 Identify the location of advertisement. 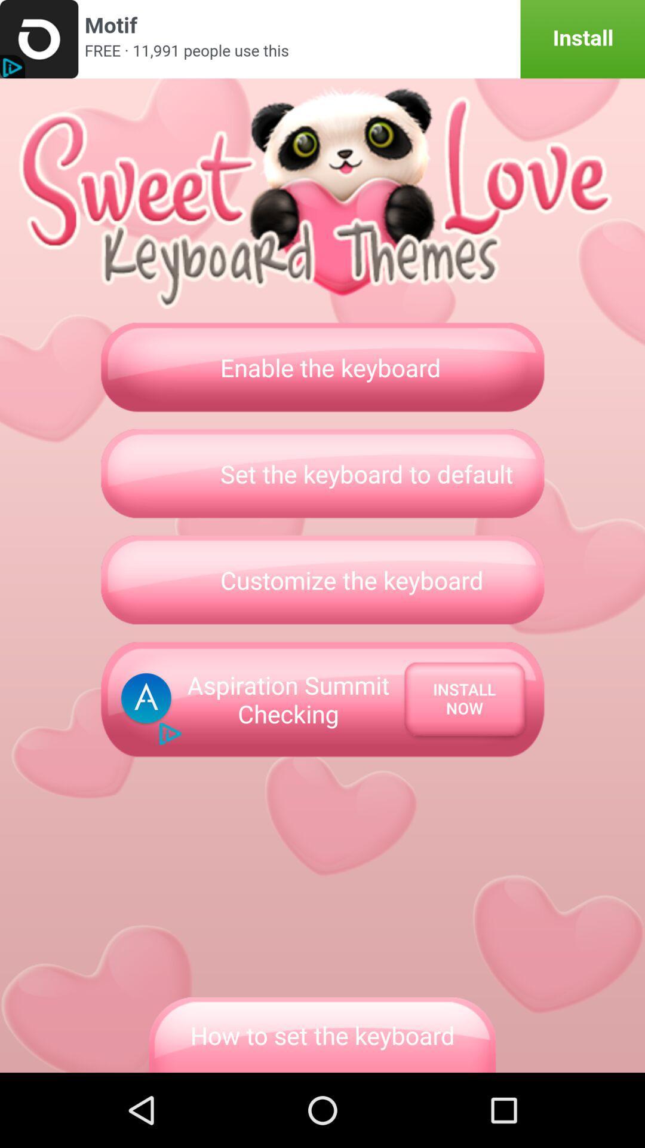
(322, 39).